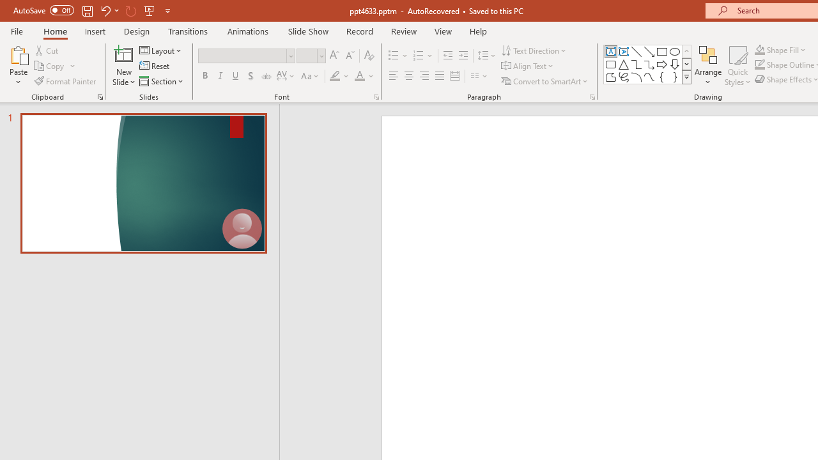 The image size is (818, 460). I want to click on 'Shape Outline Dark Red, Accent 1', so click(760, 65).